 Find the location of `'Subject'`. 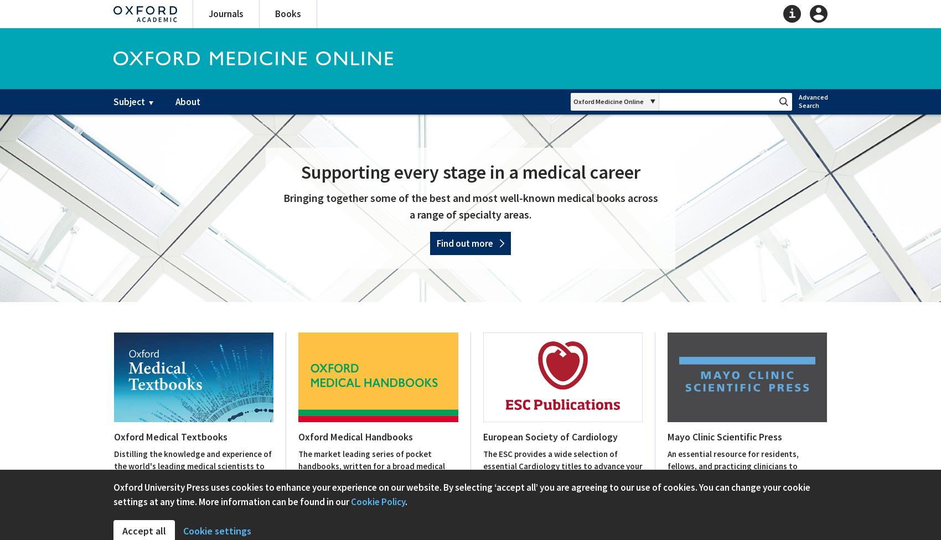

'Subject' is located at coordinates (130, 101).